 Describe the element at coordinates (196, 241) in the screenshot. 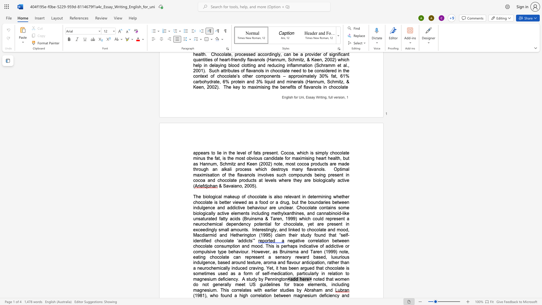

I see `the space between the continuous character "d" and "e" in the text` at that location.